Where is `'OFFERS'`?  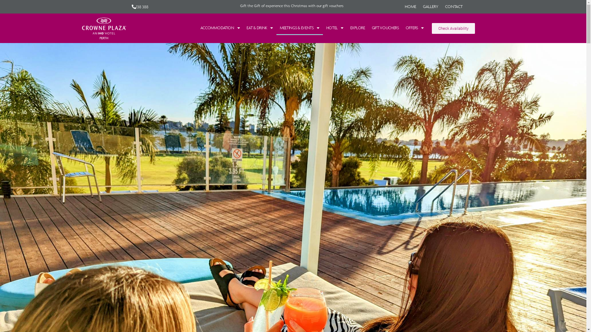
'OFFERS' is located at coordinates (415, 28).